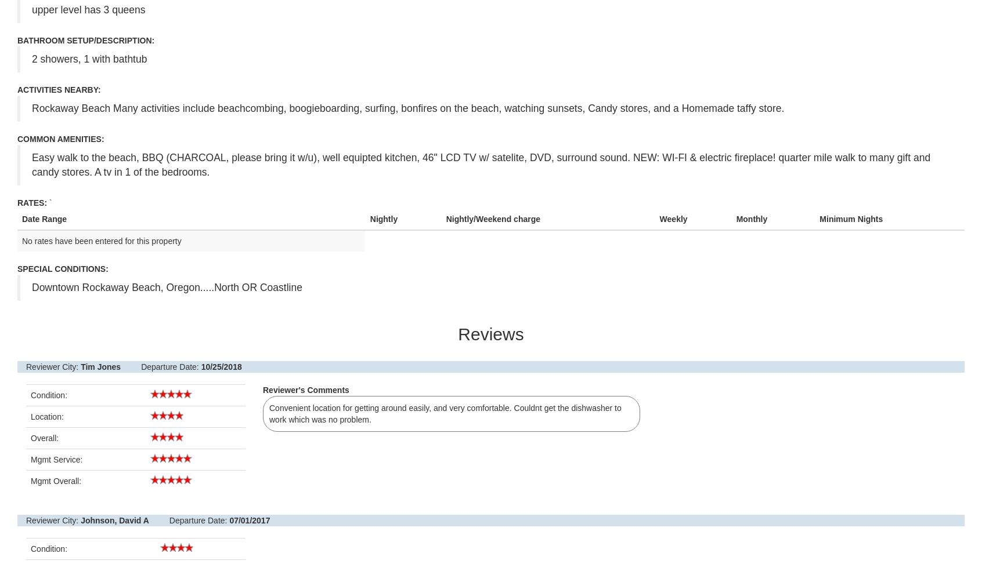 This screenshot has height=564, width=982. I want to click on 'Downtown Rockaway Beach, Oregon.....North OR Coastline', so click(166, 287).